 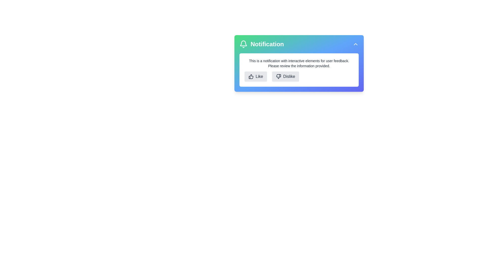 I want to click on the Dislike button to provide feedback, so click(x=285, y=77).